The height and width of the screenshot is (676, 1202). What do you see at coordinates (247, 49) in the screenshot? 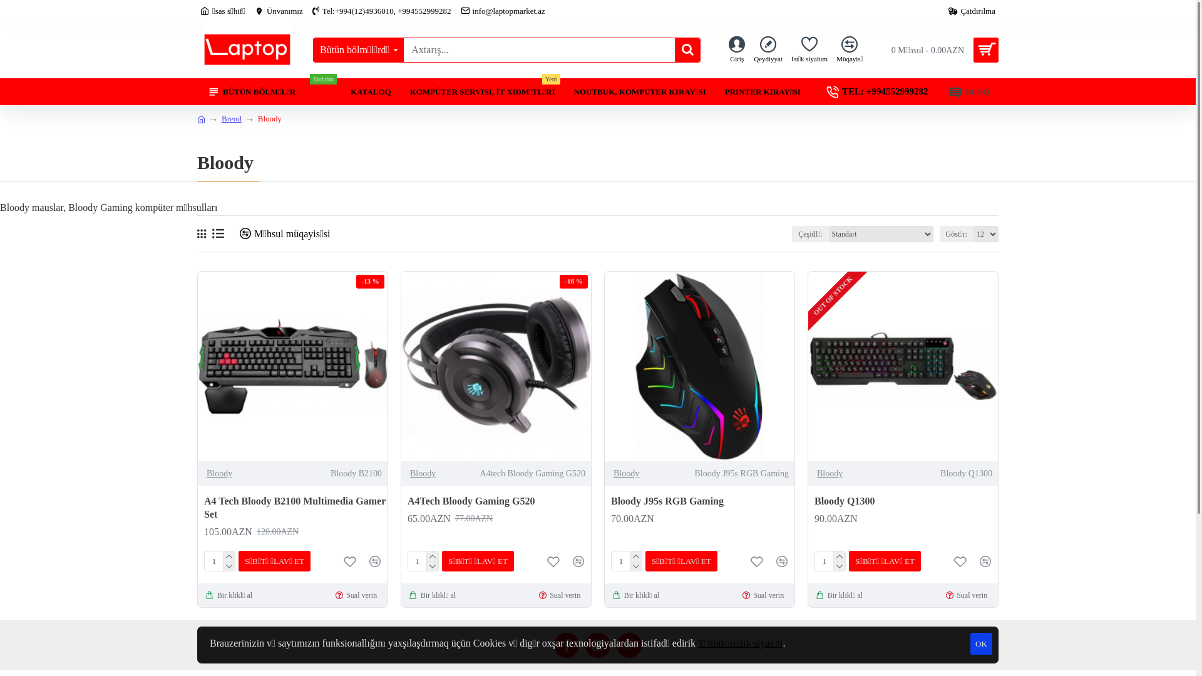
I see `'LaptopMarket'` at bounding box center [247, 49].